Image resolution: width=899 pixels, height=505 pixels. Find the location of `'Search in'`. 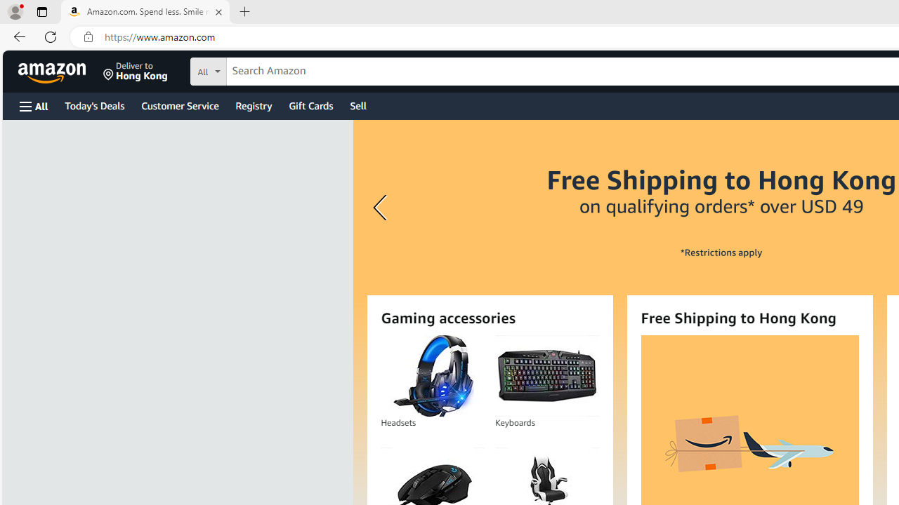

'Search in' is located at coordinates (261, 69).